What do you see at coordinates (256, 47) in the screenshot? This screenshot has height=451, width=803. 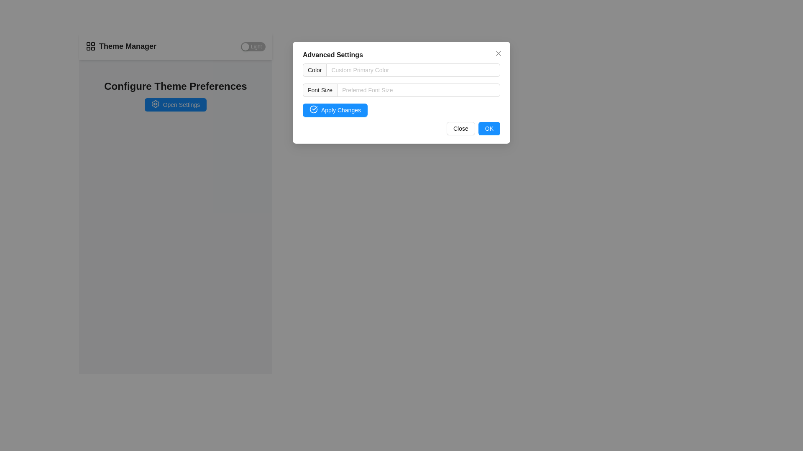 I see `the 'Light' mode text label, which indicates the inactive position of the toggle switch in the Theme Manager section` at bounding box center [256, 47].